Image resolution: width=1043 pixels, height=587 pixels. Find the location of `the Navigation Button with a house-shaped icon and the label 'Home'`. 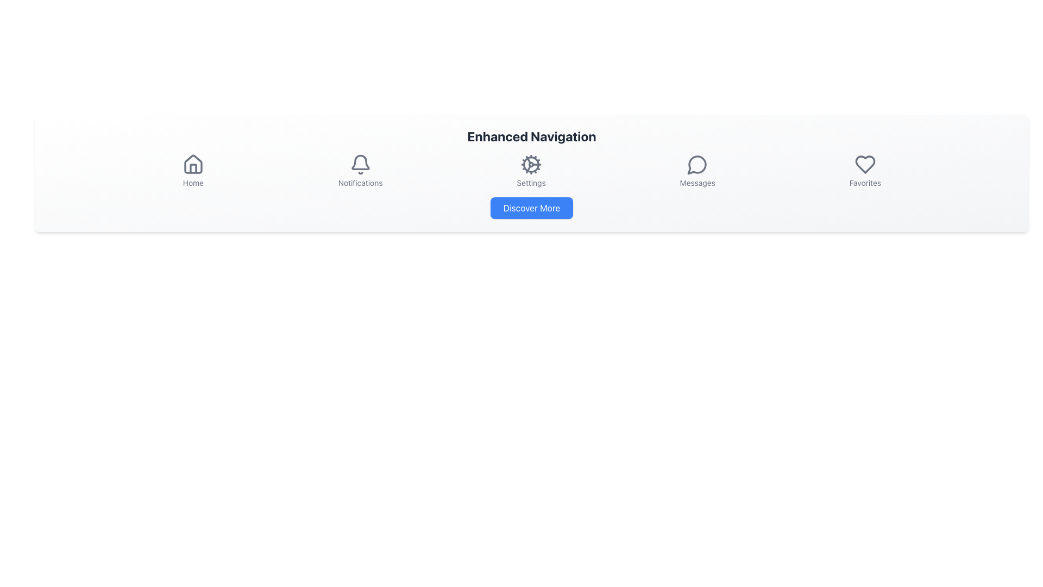

the Navigation Button with a house-shaped icon and the label 'Home' is located at coordinates (193, 171).